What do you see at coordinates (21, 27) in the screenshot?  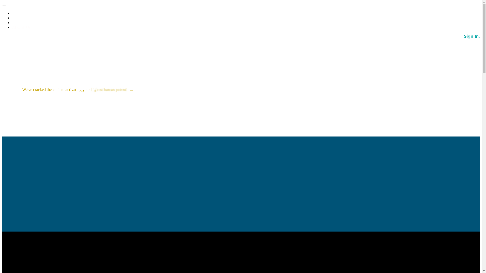 I see `'About Us'` at bounding box center [21, 27].